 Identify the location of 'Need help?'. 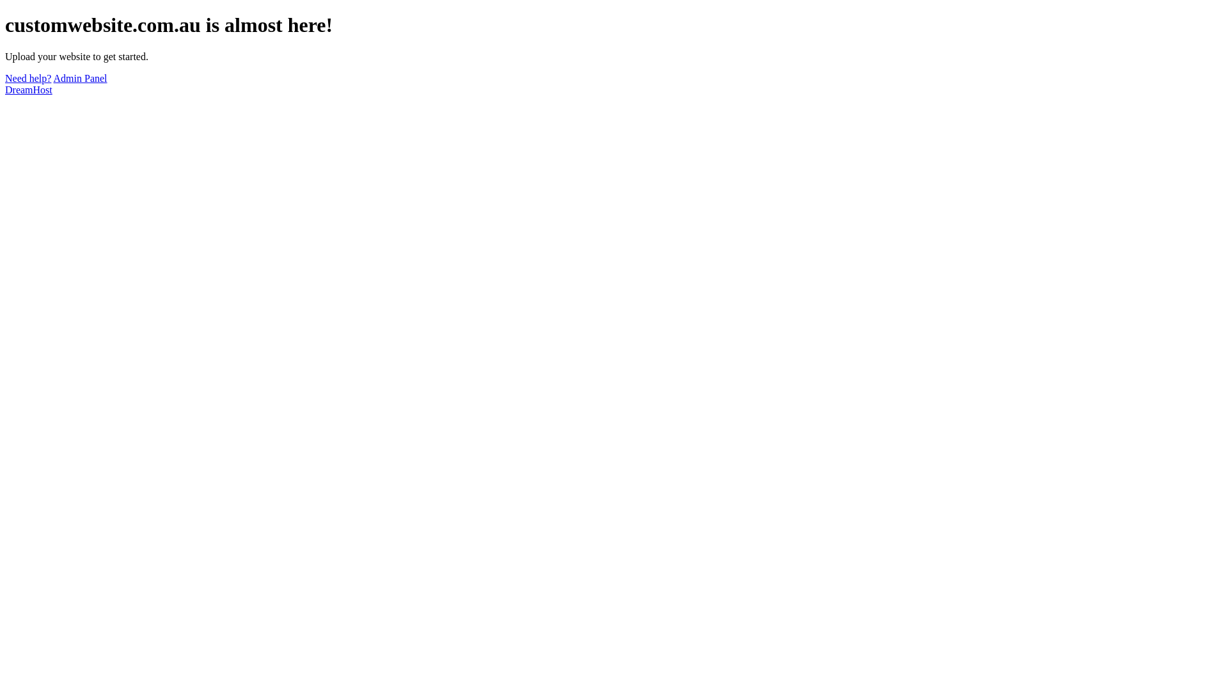
(28, 78).